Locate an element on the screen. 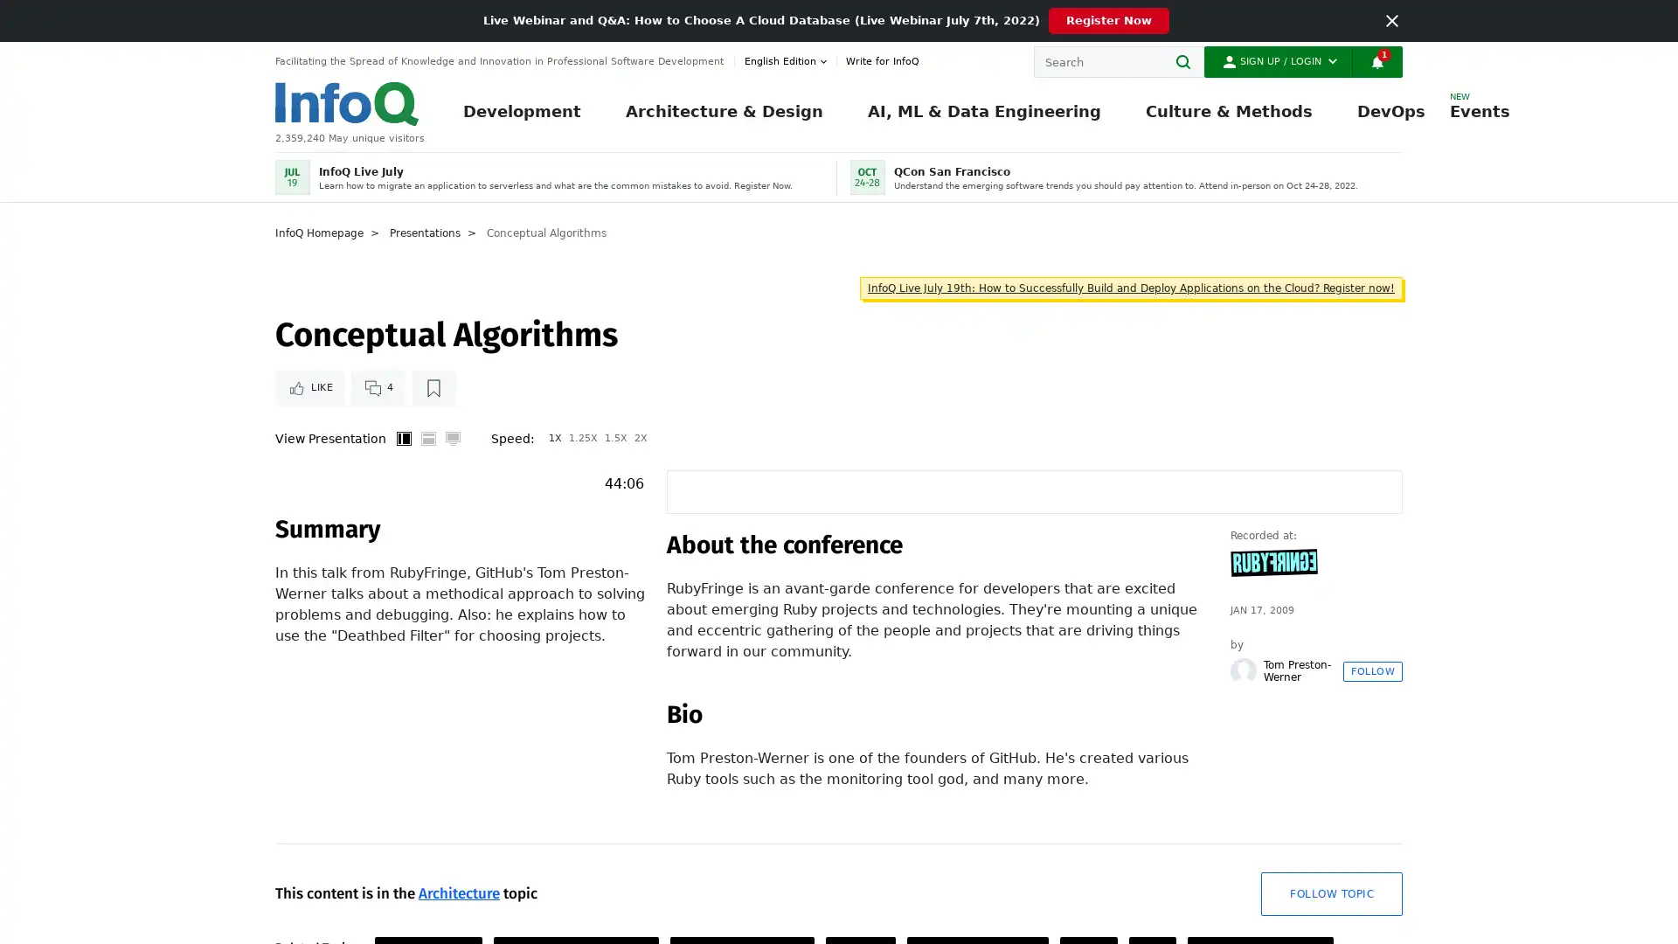 The image size is (1678, 944). Vertical is located at coordinates (402, 501).